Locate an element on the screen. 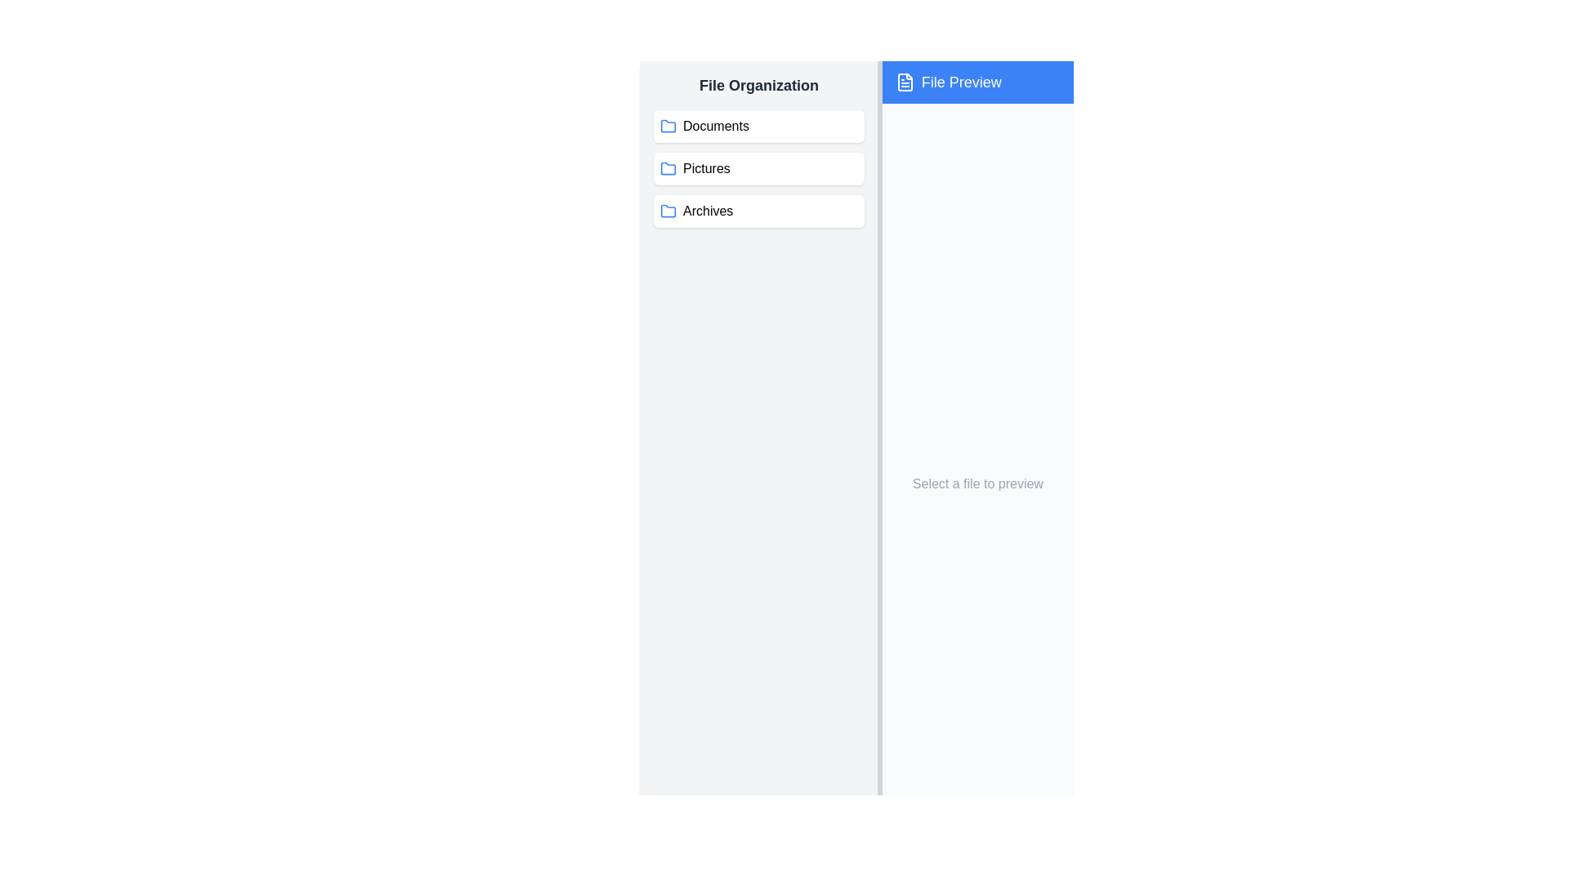 The image size is (1569, 882). the vibrant blue folder icon located to the left of the 'Archives' label in the third list item is located at coordinates (668, 210).